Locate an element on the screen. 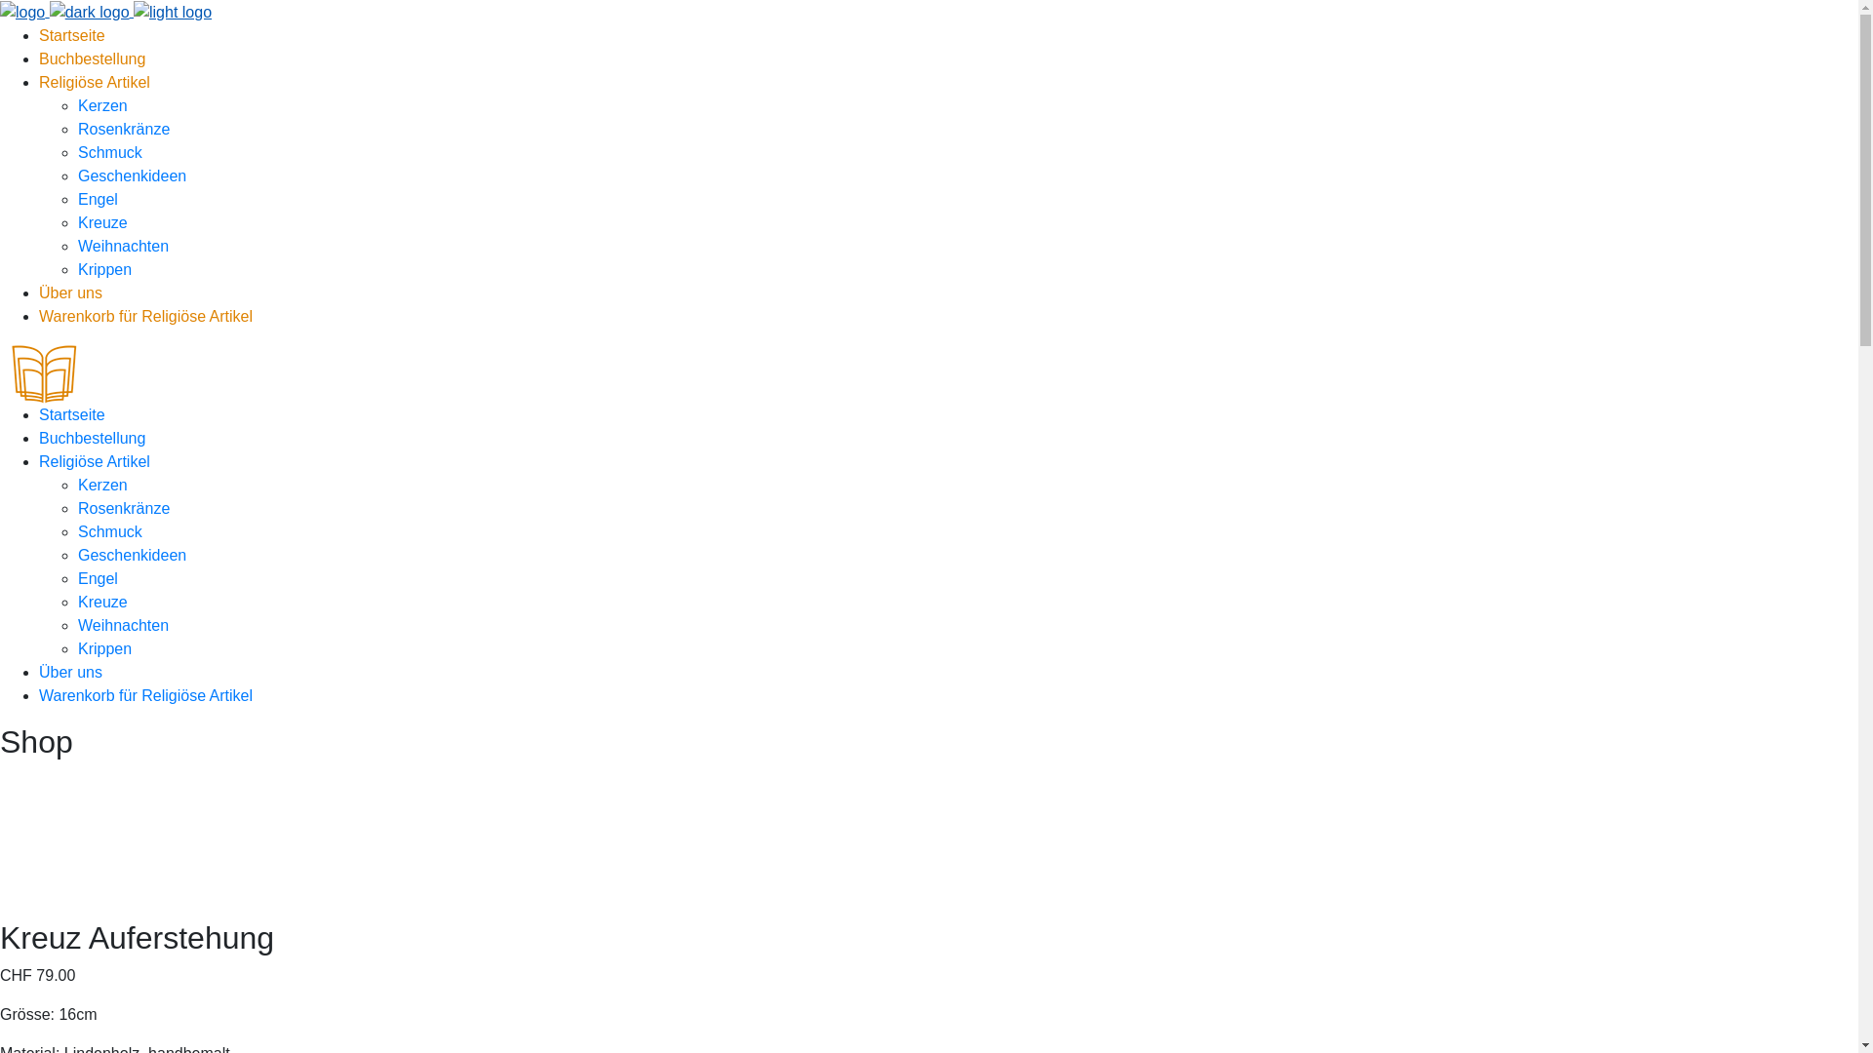 The image size is (1873, 1053). 'Kerzen' is located at coordinates (101, 484).